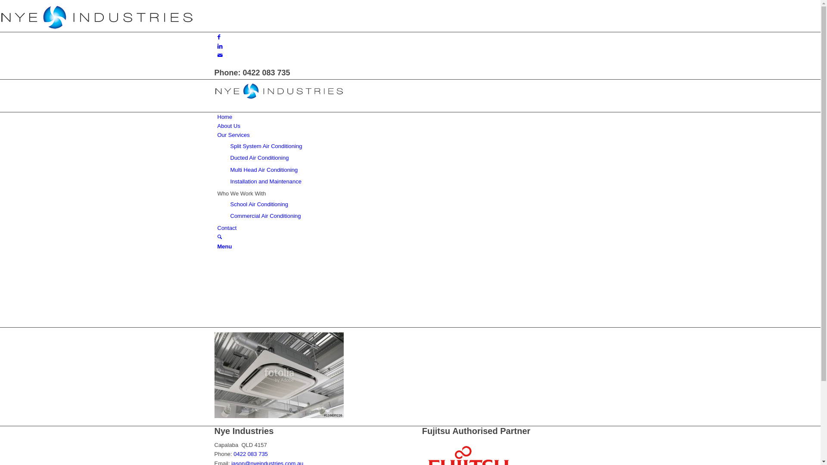 This screenshot has height=465, width=827. What do you see at coordinates (217, 135) in the screenshot?
I see `'Our Services'` at bounding box center [217, 135].